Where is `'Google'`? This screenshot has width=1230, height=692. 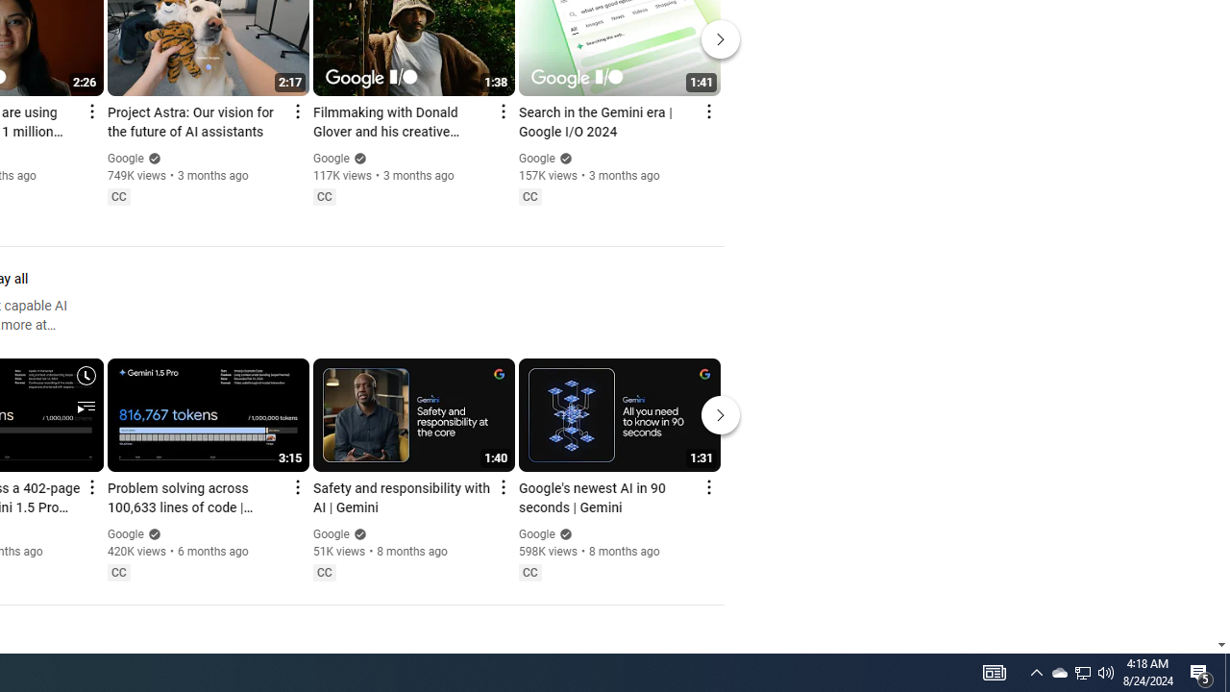 'Google' is located at coordinates (536, 534).